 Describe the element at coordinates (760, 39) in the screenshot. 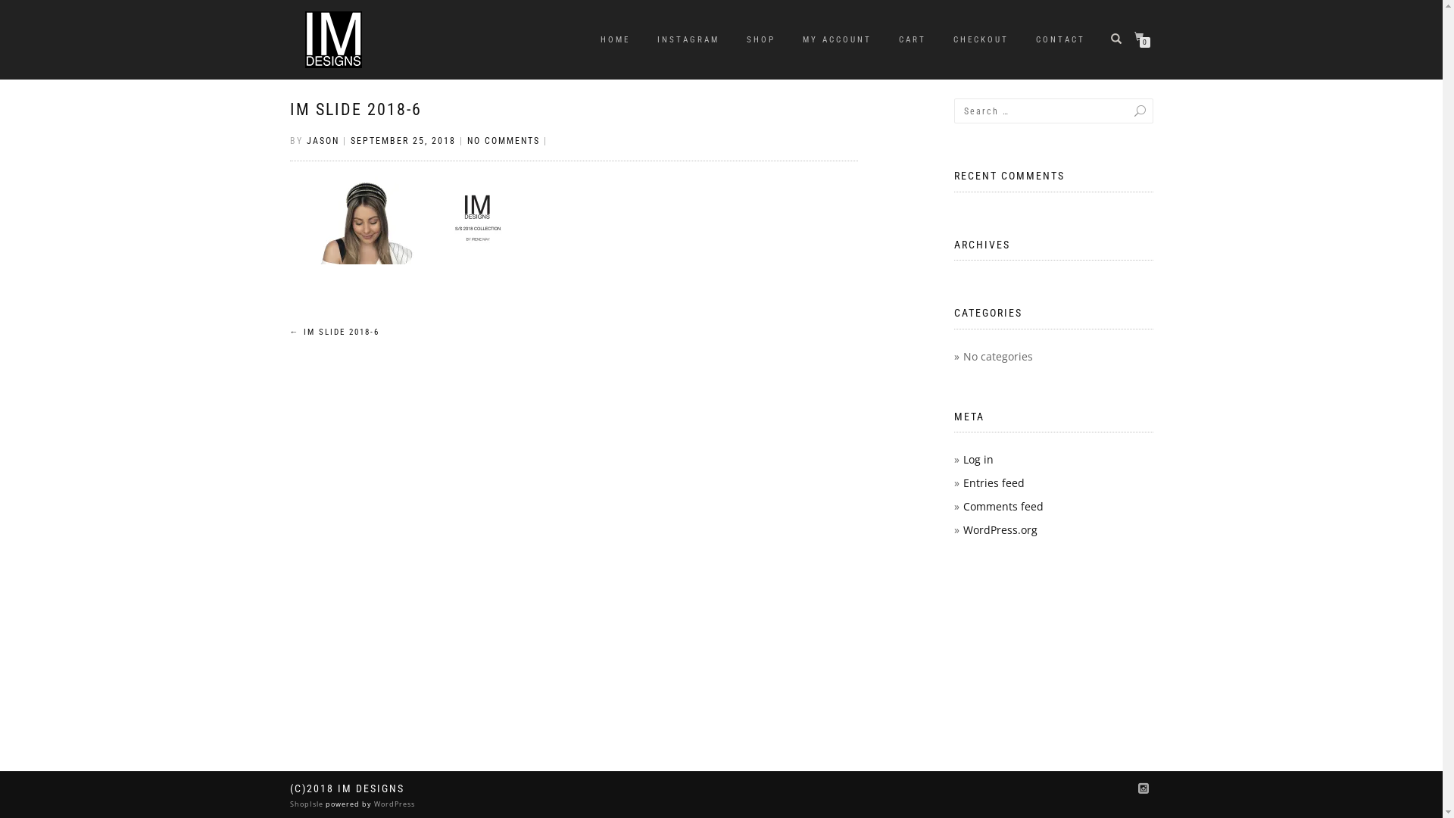

I see `'SHOP'` at that location.